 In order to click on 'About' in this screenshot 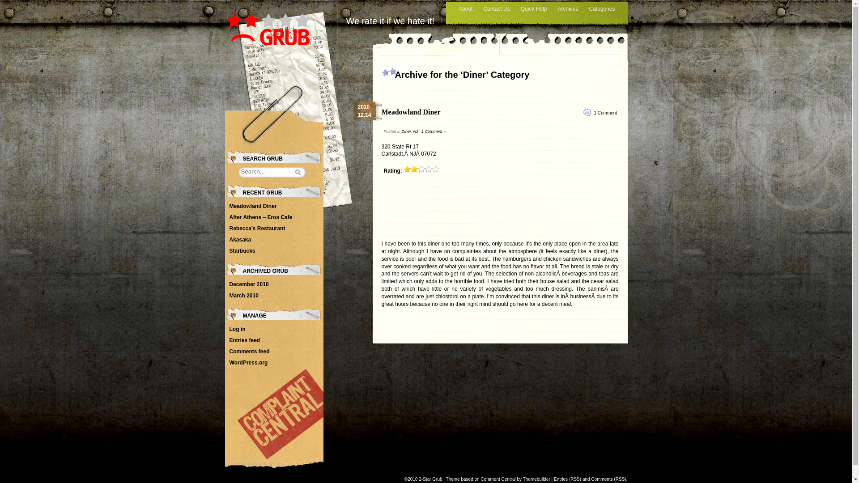, I will do `click(453, 9)`.